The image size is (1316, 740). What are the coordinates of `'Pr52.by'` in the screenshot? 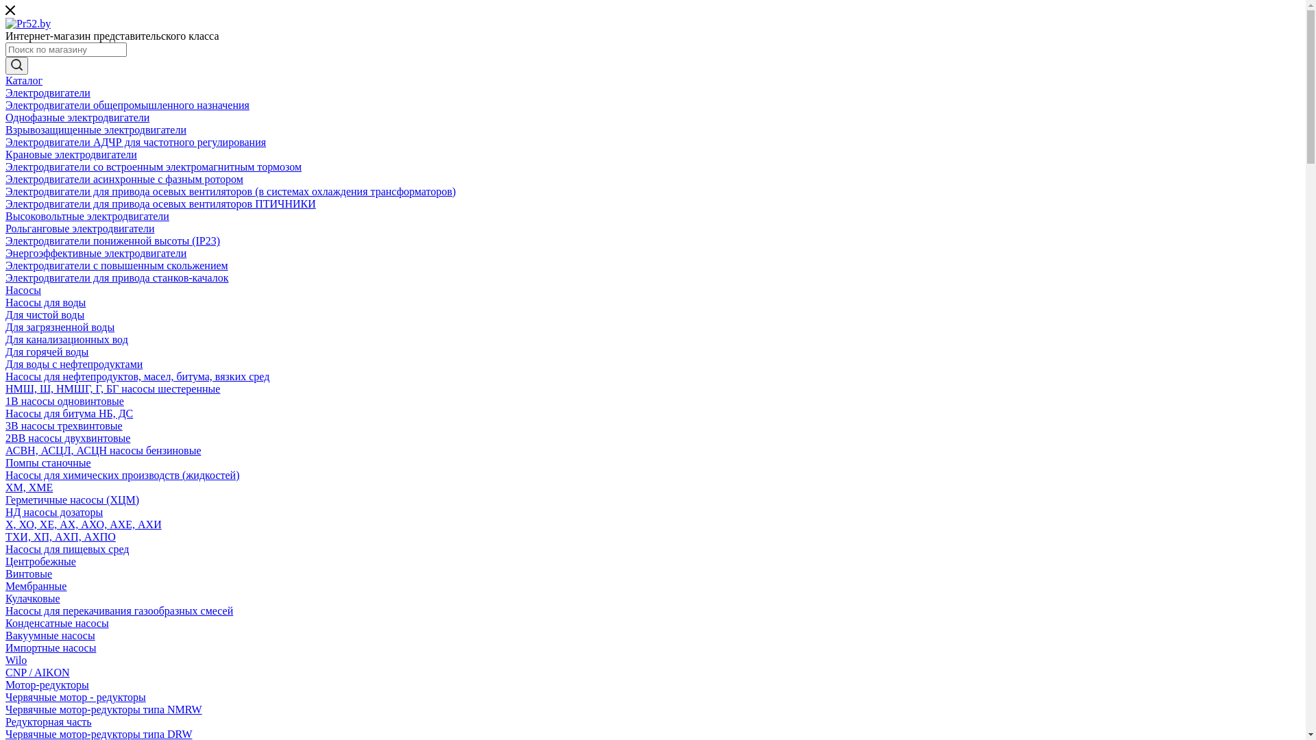 It's located at (28, 23).